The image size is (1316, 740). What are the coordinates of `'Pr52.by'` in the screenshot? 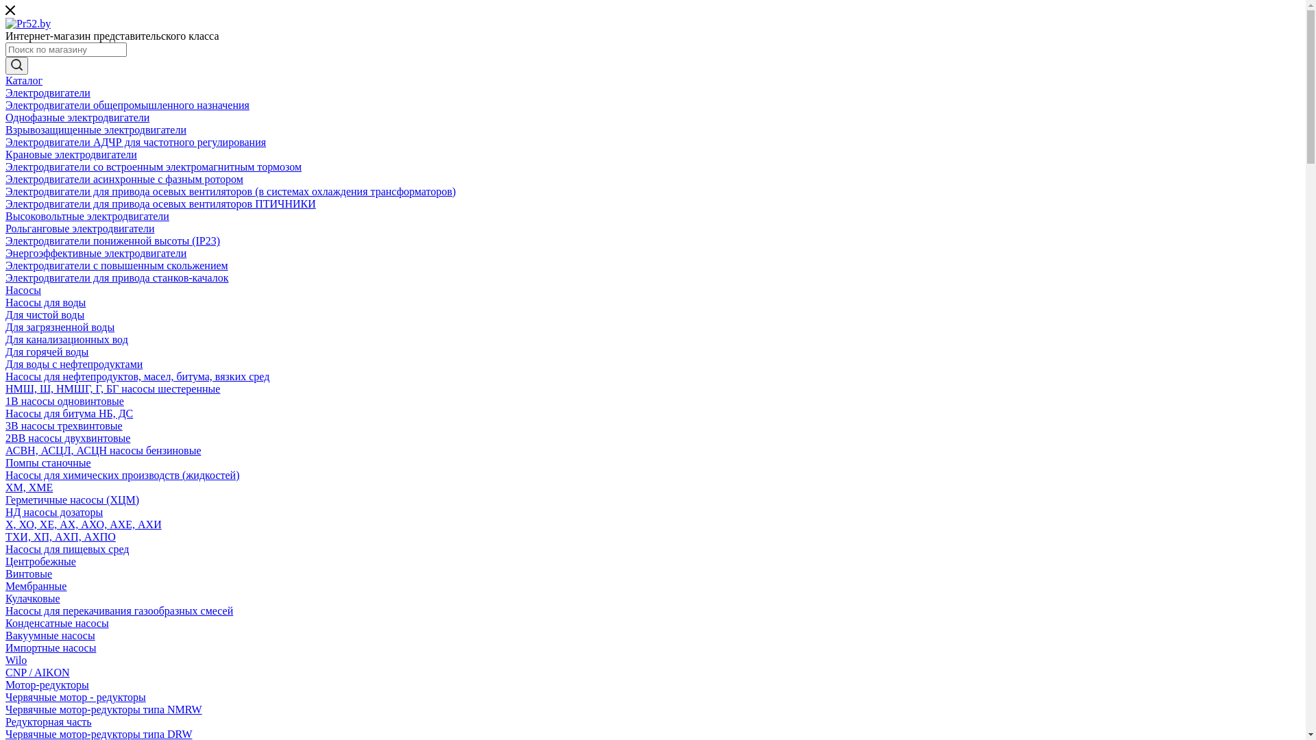 It's located at (28, 23).